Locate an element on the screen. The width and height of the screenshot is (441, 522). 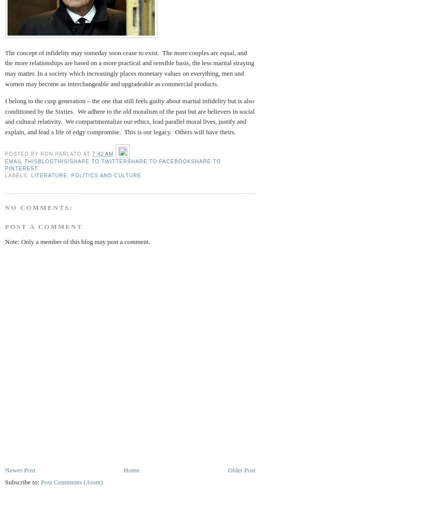
'Literature' is located at coordinates (31, 175).